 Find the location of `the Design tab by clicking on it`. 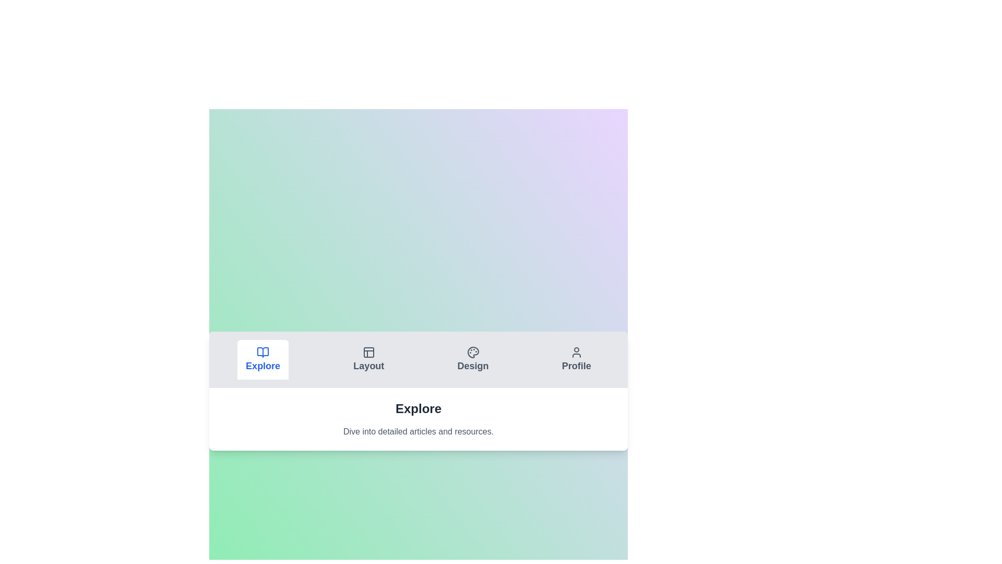

the Design tab by clicking on it is located at coordinates (472, 359).